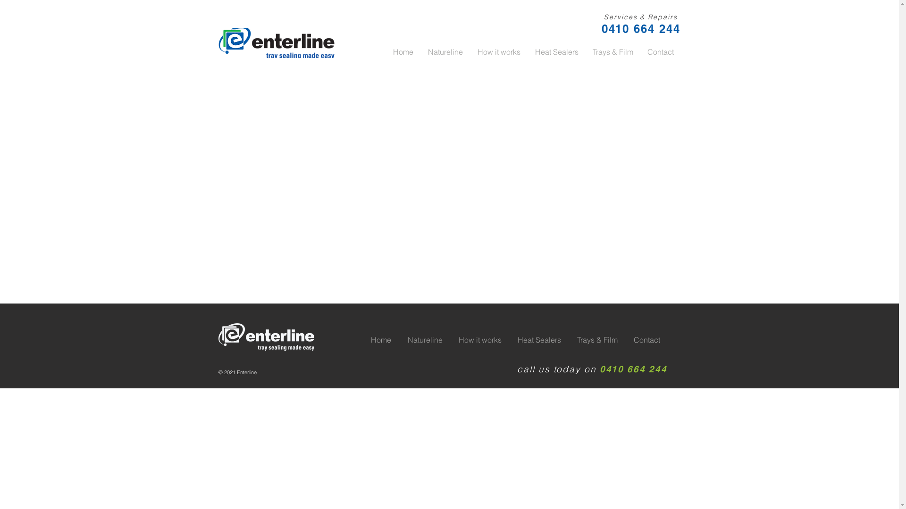 This screenshot has height=509, width=906. I want to click on 'Natureline', so click(444, 52).